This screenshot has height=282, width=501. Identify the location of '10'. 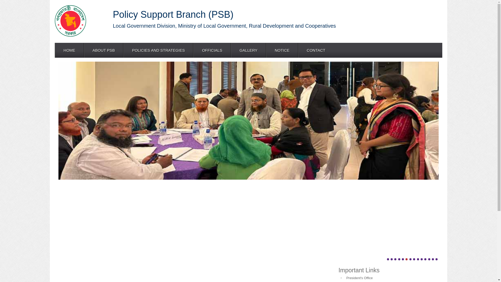
(421, 259).